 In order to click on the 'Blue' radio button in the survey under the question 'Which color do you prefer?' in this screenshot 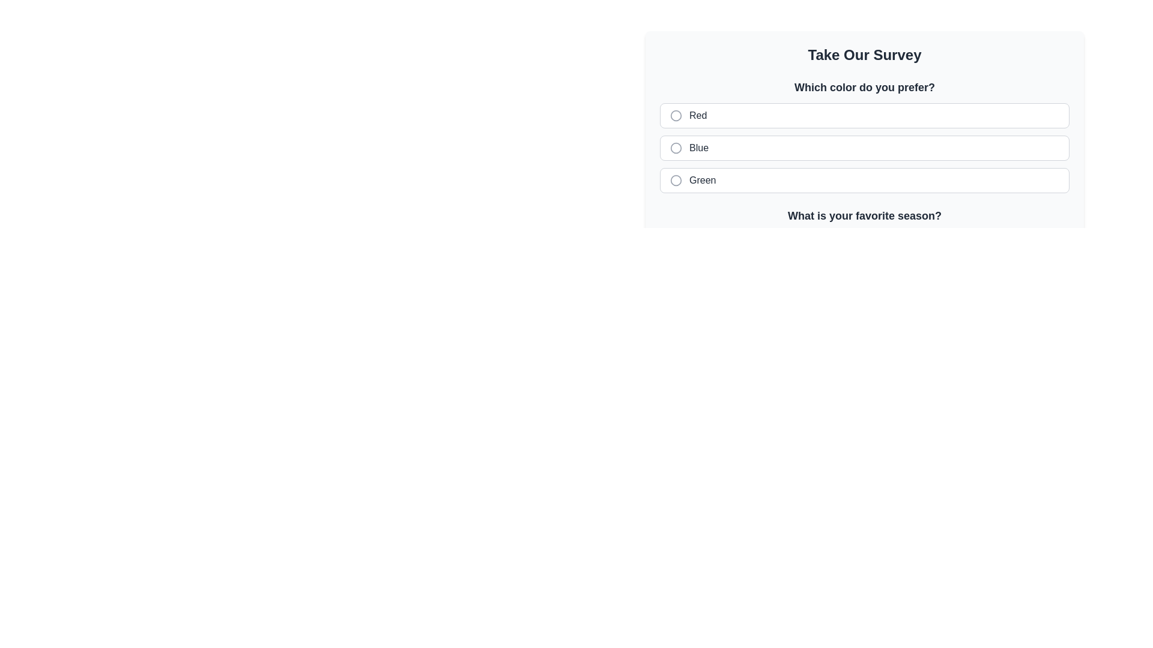, I will do `click(676, 147)`.